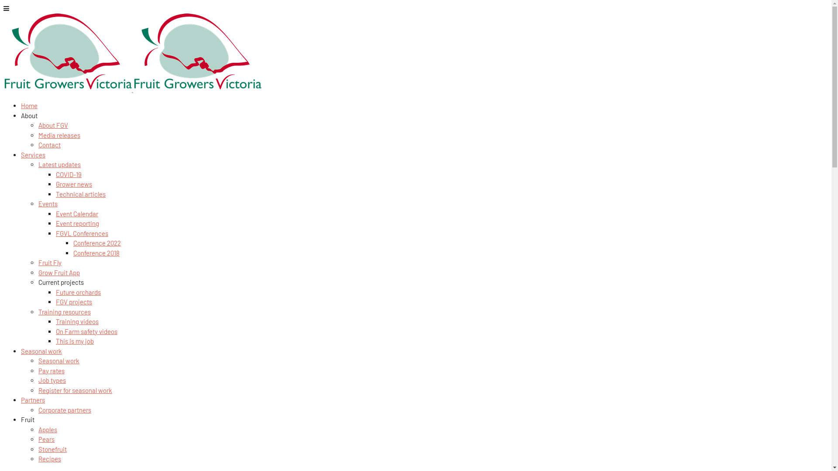 The width and height of the screenshot is (838, 471). What do you see at coordinates (38, 311) in the screenshot?
I see `'Training resources'` at bounding box center [38, 311].